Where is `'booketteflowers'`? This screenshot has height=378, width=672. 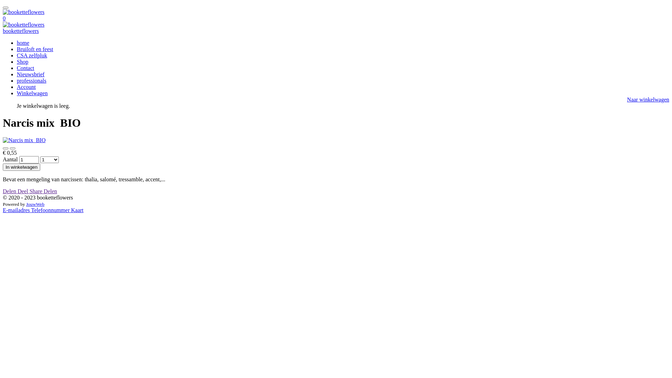 'booketteflowers' is located at coordinates (21, 30).